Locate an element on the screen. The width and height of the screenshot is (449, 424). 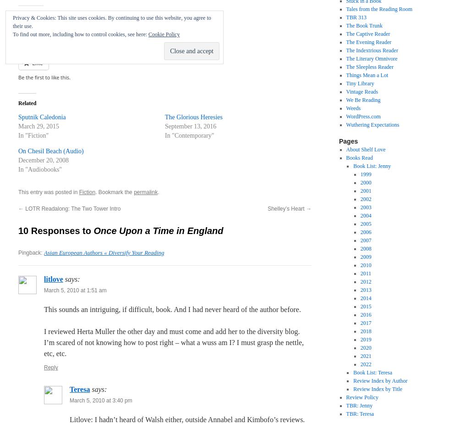
'2006' is located at coordinates (366, 232).